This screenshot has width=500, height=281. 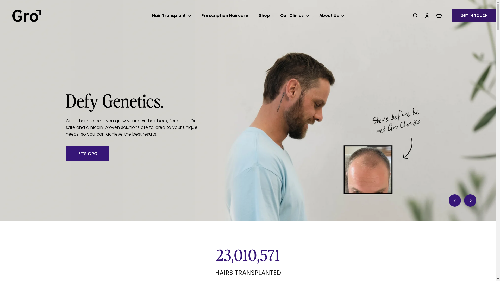 I want to click on 'Open search', so click(x=415, y=15).